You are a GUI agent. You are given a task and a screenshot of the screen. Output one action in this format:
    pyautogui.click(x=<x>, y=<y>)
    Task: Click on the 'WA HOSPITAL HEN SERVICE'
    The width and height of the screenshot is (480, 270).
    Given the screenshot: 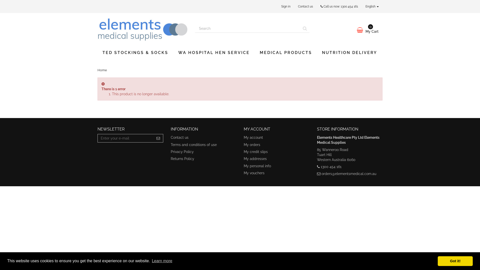 What is the action you would take?
    pyautogui.click(x=214, y=53)
    